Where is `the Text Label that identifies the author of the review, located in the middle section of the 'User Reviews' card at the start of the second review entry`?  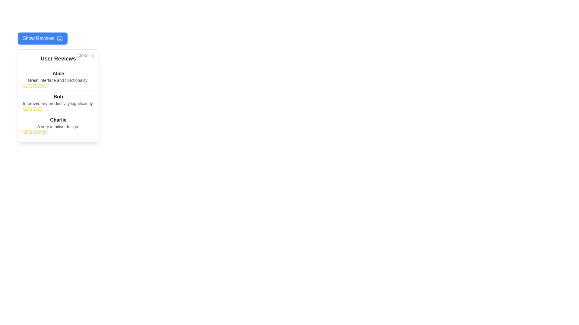
the Text Label that identifies the author of the review, located in the middle section of the 'User Reviews' card at the start of the second review entry is located at coordinates (58, 96).